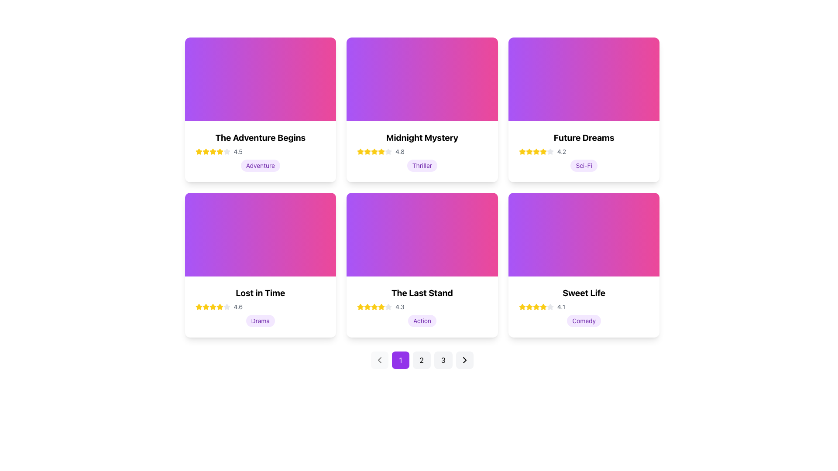 The height and width of the screenshot is (471, 838). Describe the element at coordinates (260, 79) in the screenshot. I see `the Decorative background element which features a gradient from purple to pink and is located in the upper section of the card labeled 'The Adventure Begins'` at that location.